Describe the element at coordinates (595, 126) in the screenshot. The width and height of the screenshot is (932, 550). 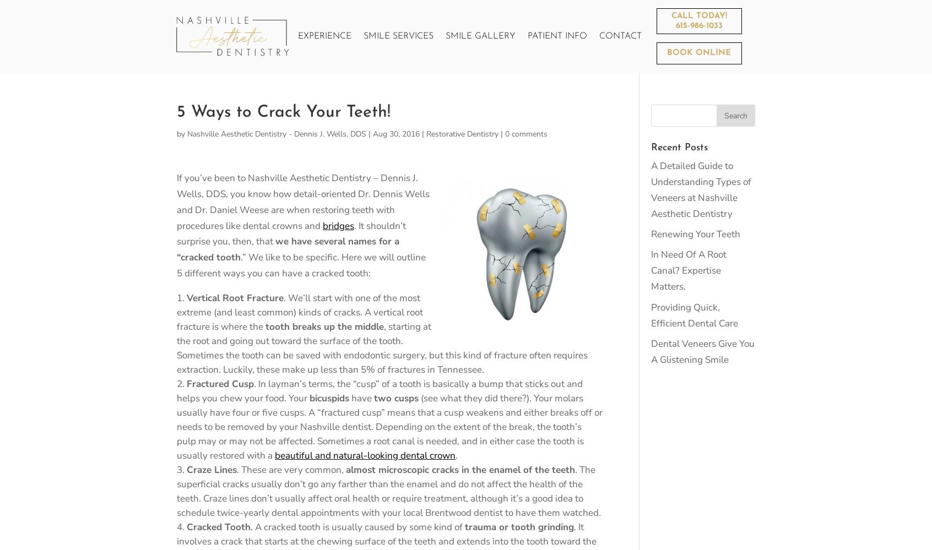
I see `'Financing and Insurance'` at that location.